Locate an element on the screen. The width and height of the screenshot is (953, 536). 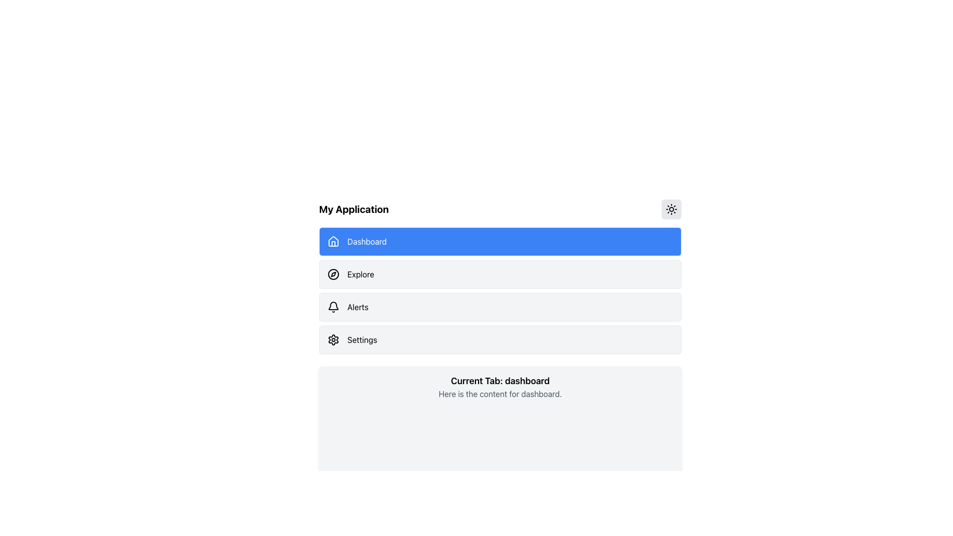
the settings button, which is the fourth button in the vertical list located beneath the 'Dashboard', 'Explore', and 'Alerts' options is located at coordinates (500, 339).